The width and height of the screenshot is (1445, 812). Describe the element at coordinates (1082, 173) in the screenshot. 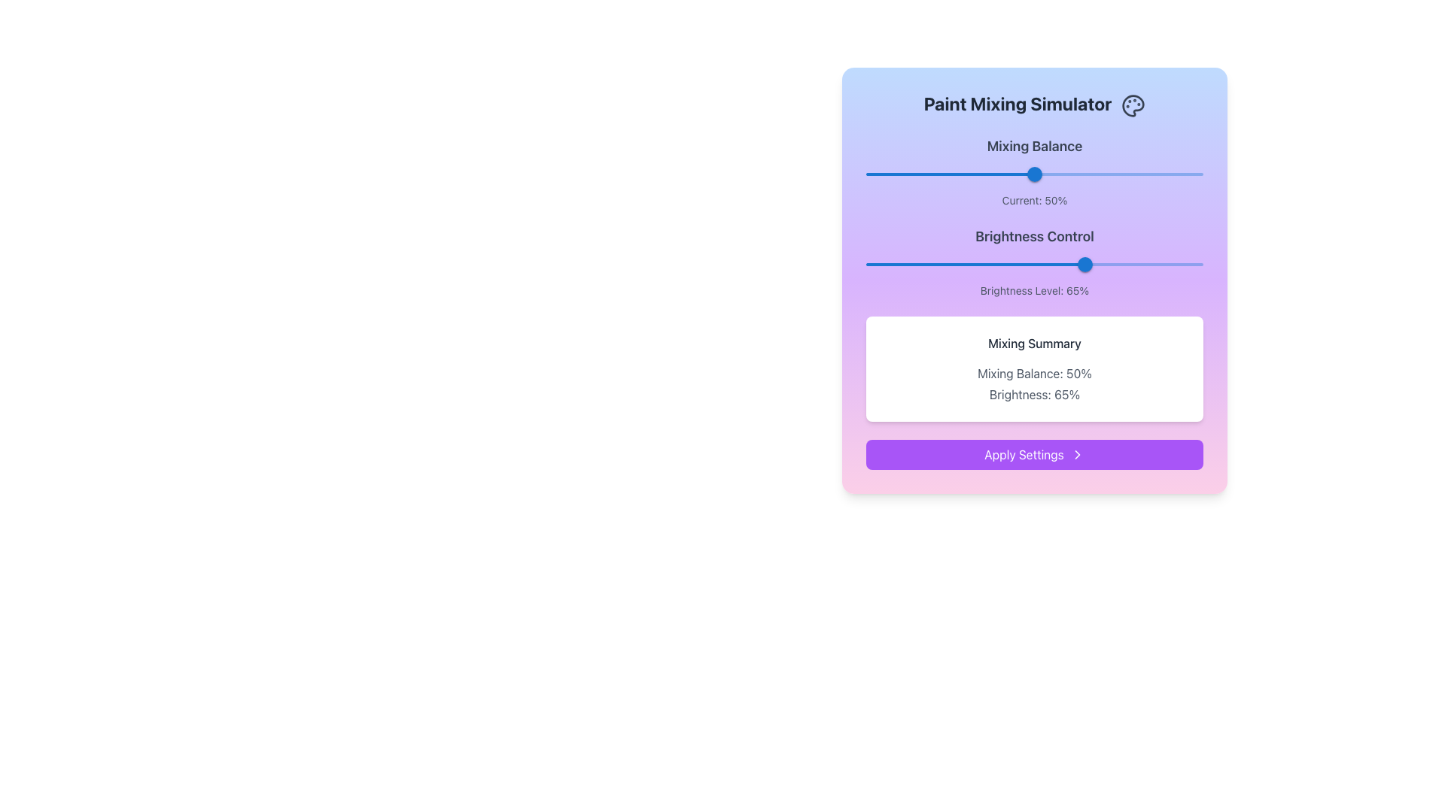

I see `Mixing Balance` at that location.